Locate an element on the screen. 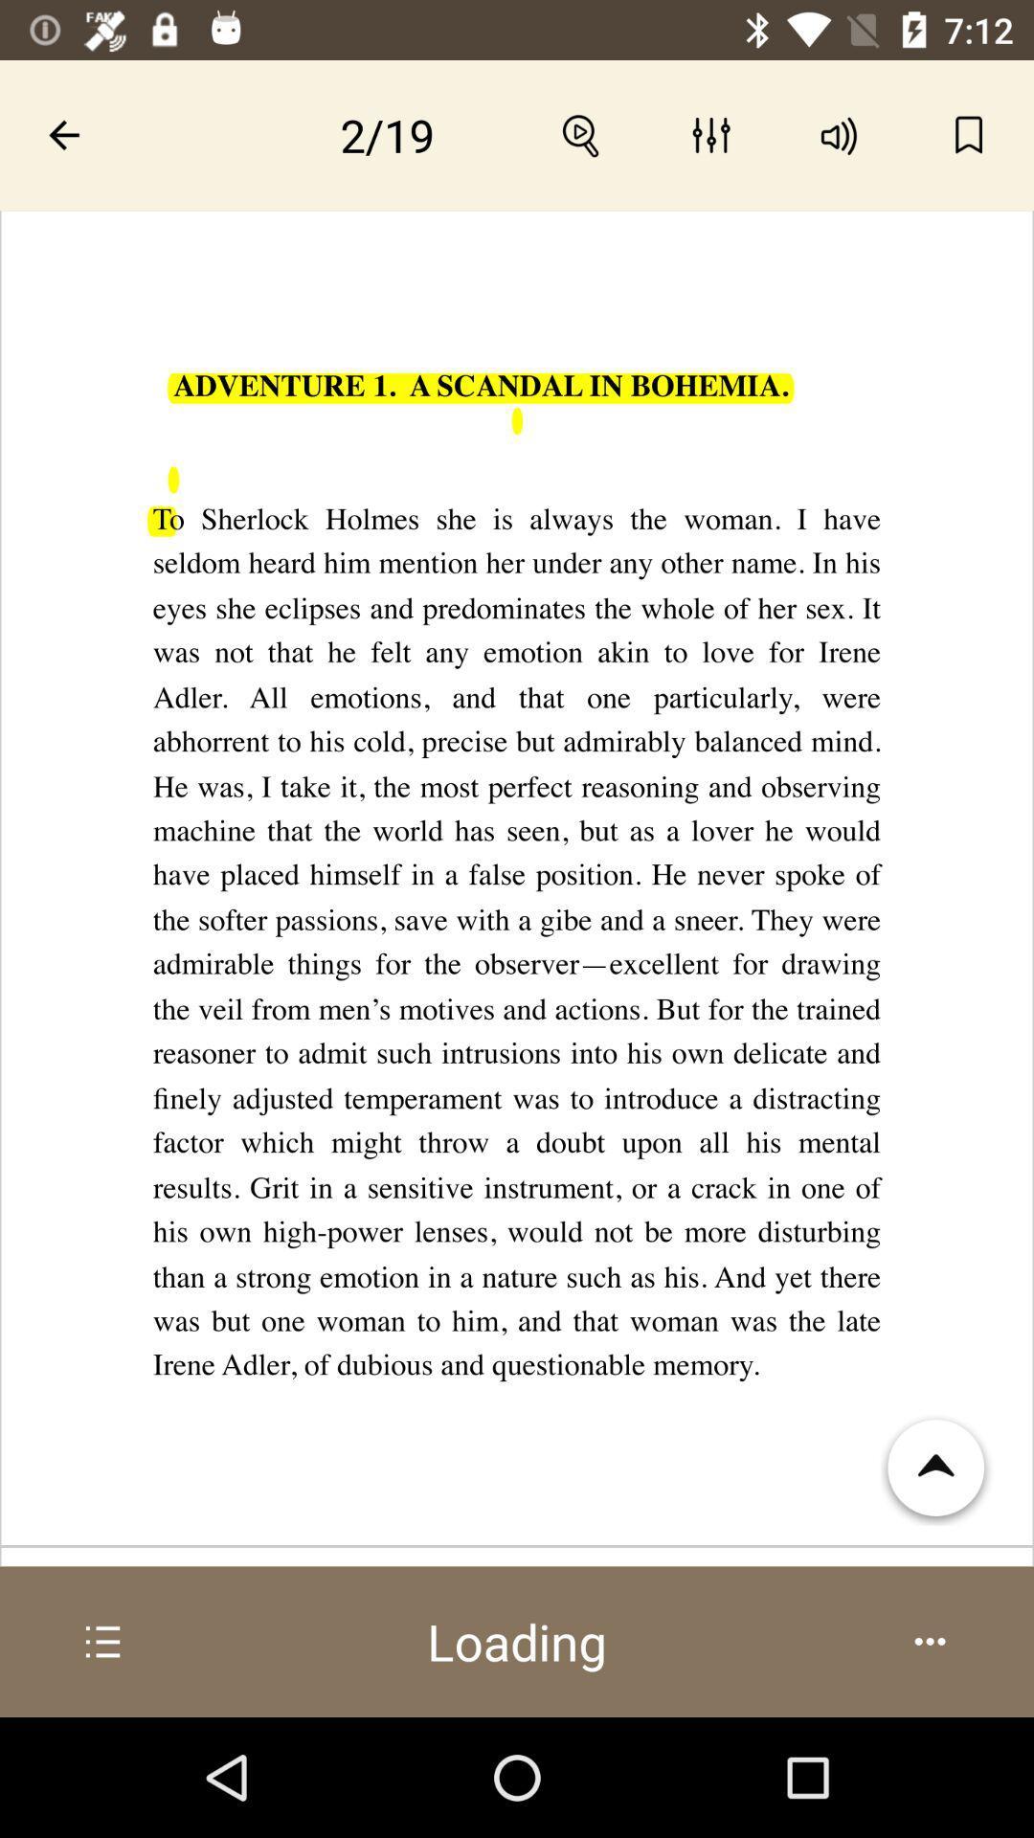  the icon which is the immediate right of the search button is located at coordinates (710, 134).